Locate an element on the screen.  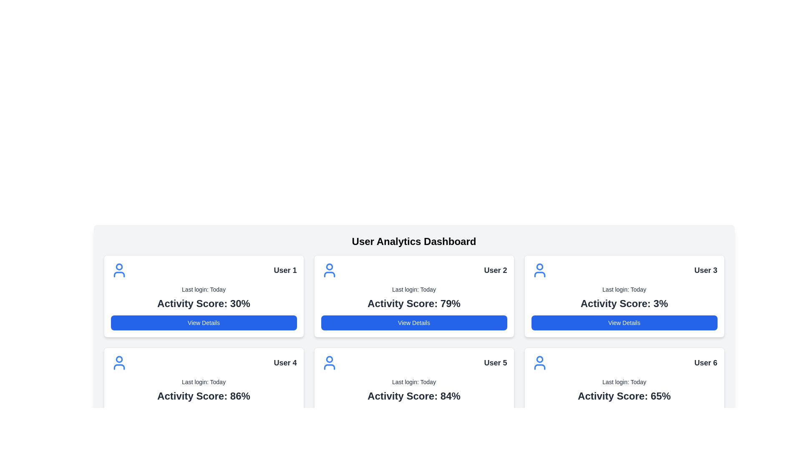
the upper circular part of the user icon located in the first column and second row of the dashboard layout is located at coordinates (329, 359).